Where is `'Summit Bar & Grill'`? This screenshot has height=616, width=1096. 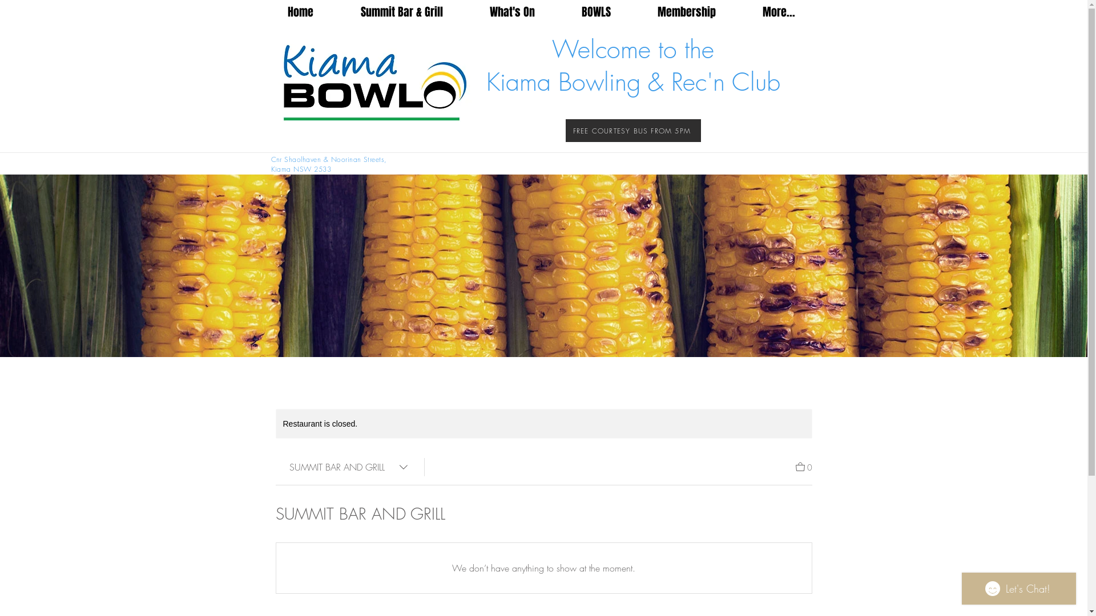 'Summit Bar & Grill' is located at coordinates (401, 12).